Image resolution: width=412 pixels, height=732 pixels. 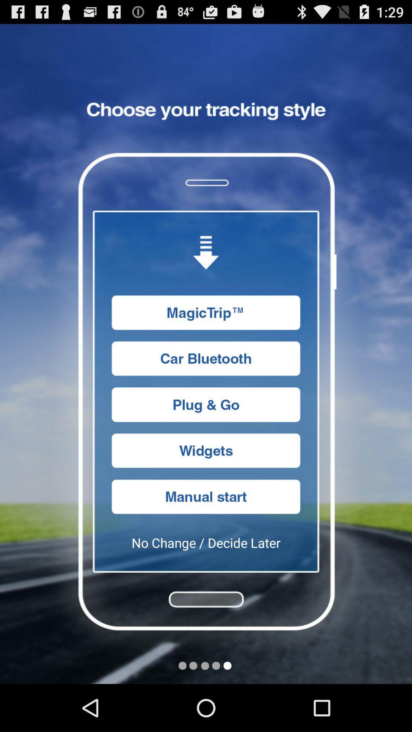 I want to click on widgets, so click(x=206, y=451).